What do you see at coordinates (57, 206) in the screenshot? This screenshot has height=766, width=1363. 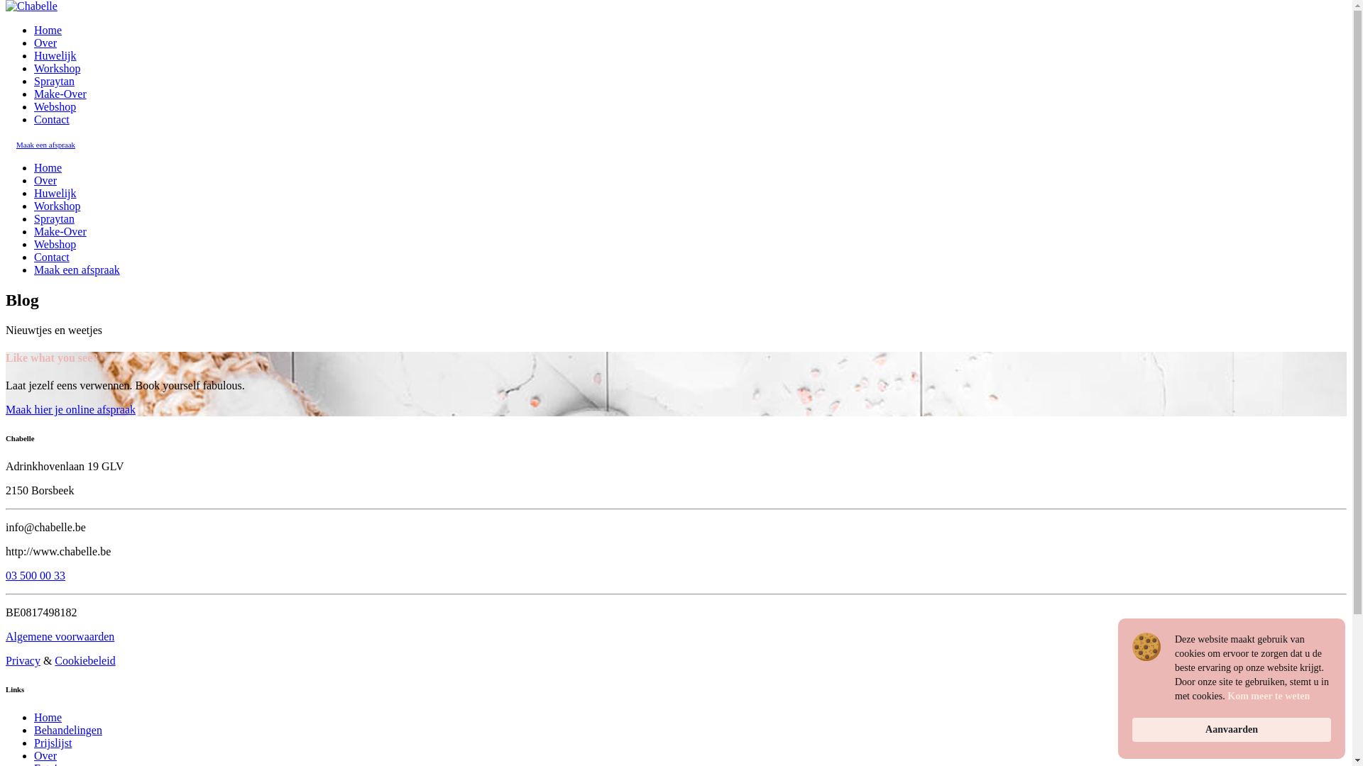 I see `'Workshop'` at bounding box center [57, 206].